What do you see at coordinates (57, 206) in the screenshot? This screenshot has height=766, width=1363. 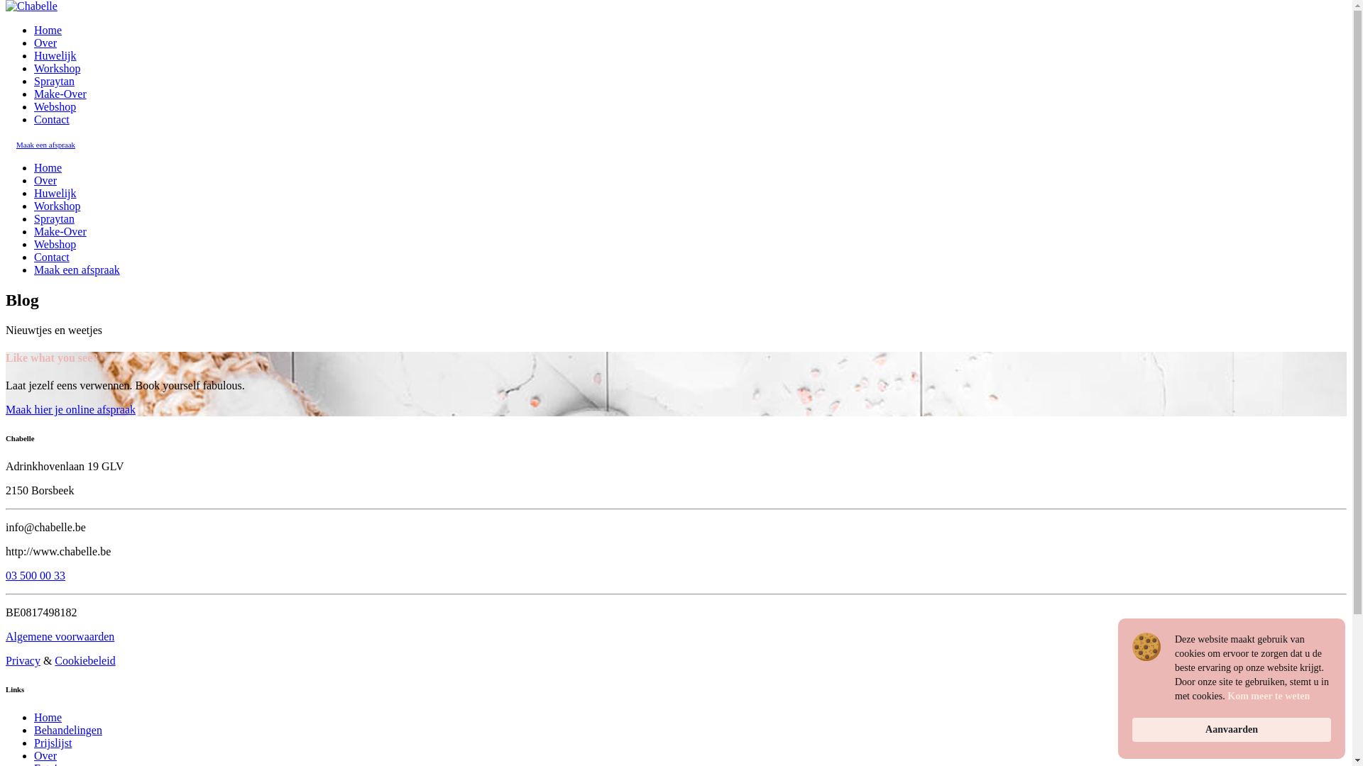 I see `'Workshop'` at bounding box center [57, 206].